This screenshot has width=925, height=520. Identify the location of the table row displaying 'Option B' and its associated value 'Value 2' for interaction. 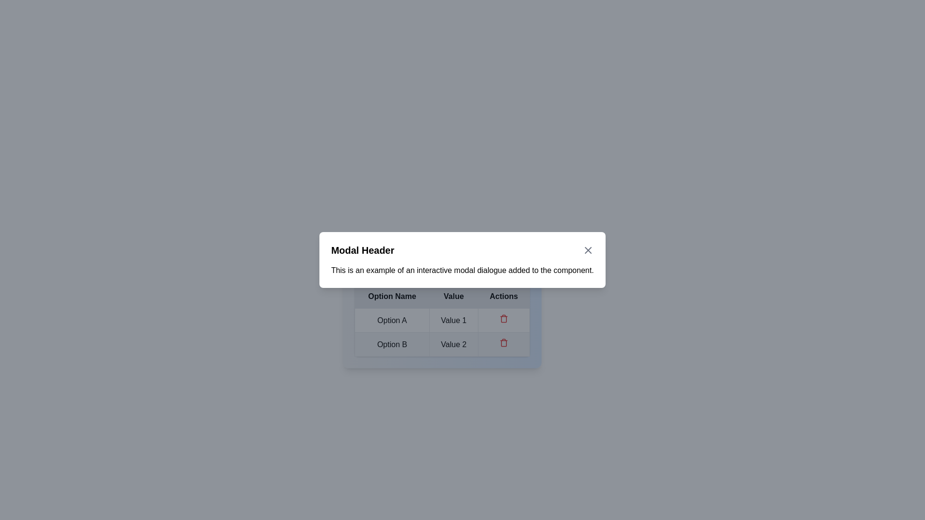
(441, 343).